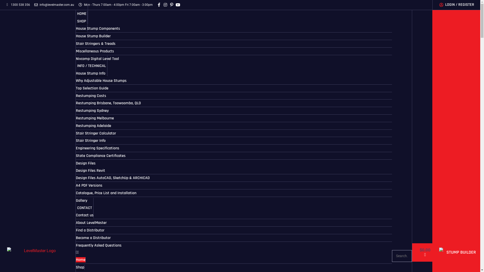 The height and width of the screenshot is (272, 484). I want to click on 'Contact us', so click(85, 215).